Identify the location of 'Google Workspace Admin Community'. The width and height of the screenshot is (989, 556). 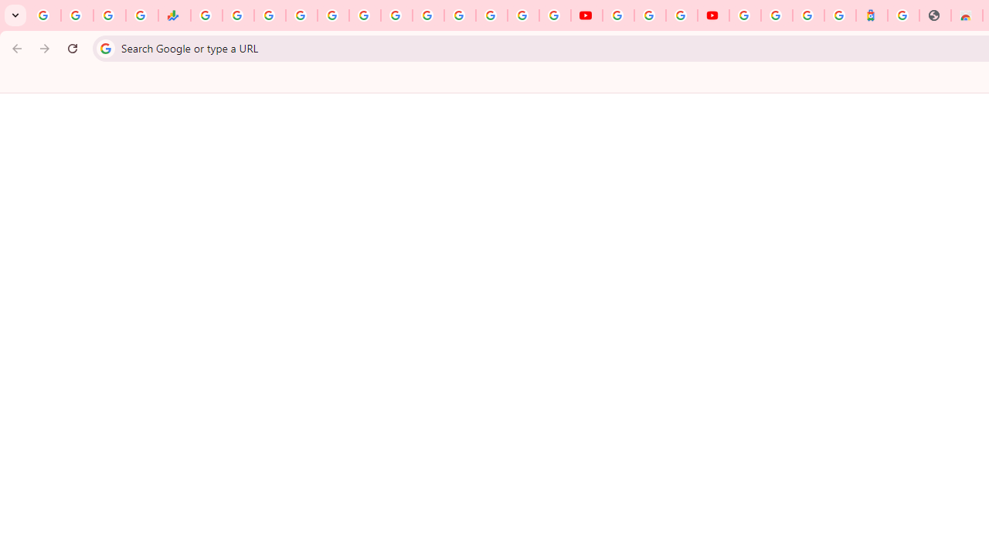
(45, 15).